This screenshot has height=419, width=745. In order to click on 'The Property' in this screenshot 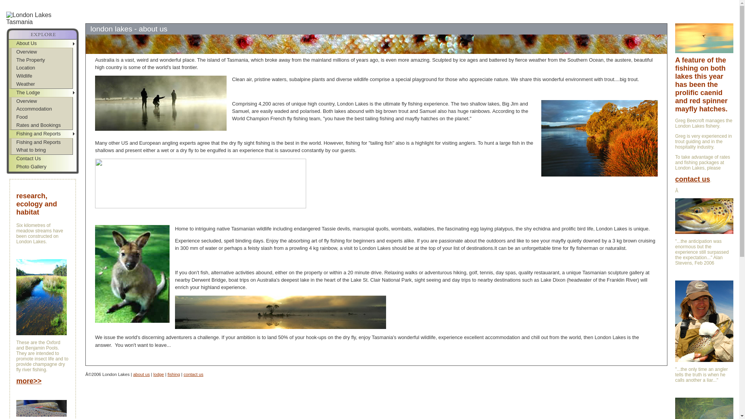, I will do `click(42, 60)`.